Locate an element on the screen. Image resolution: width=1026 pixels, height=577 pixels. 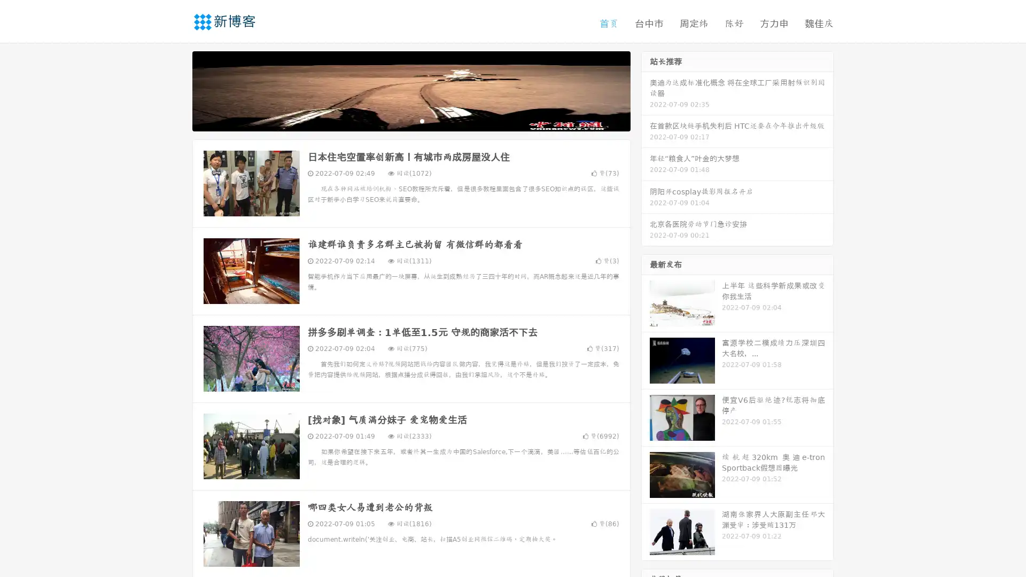
Next slide is located at coordinates (646, 90).